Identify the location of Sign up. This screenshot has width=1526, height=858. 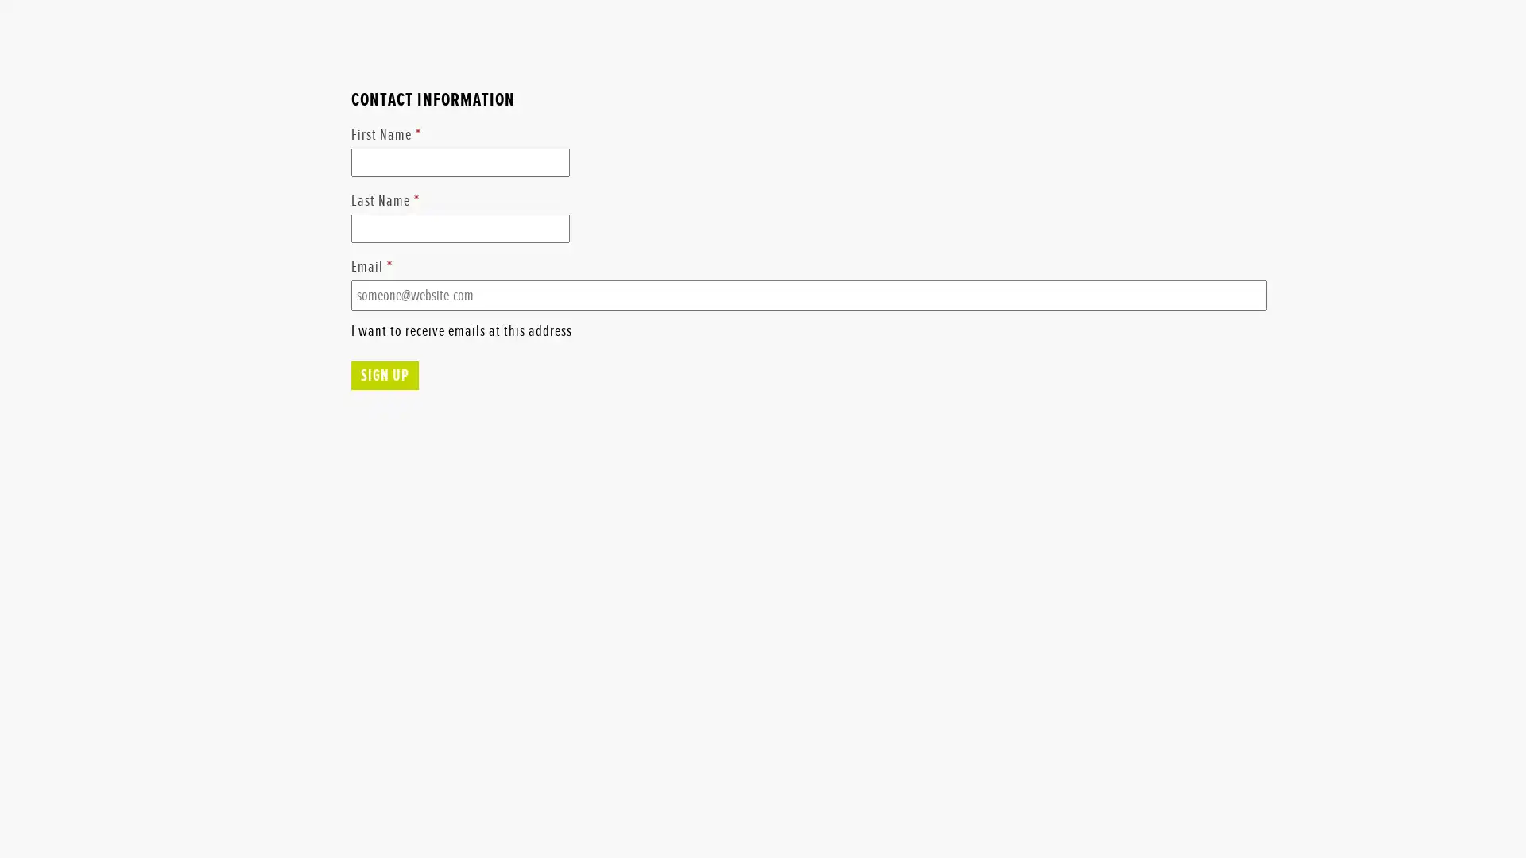
(384, 438).